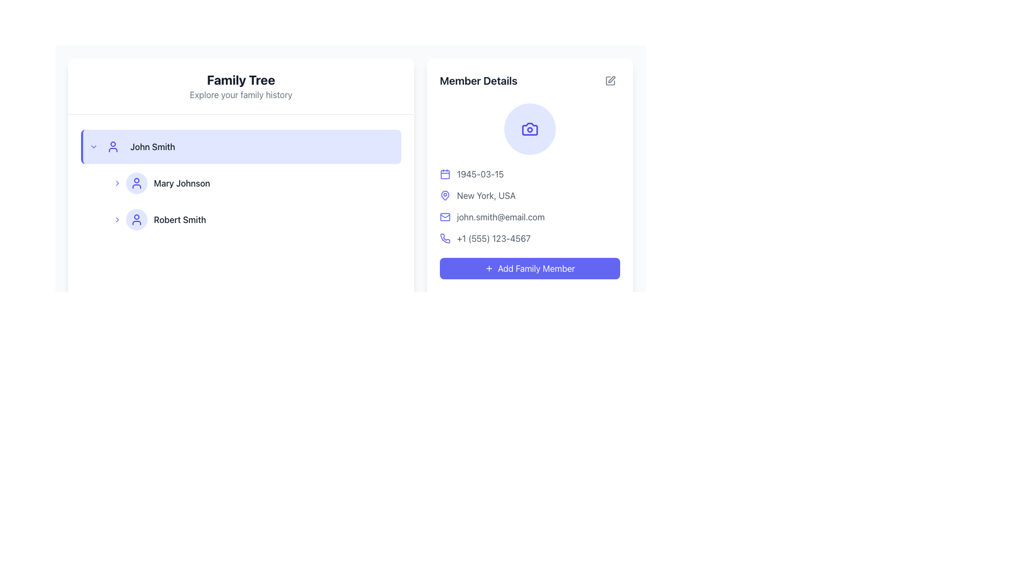 This screenshot has width=1030, height=579. I want to click on the gray pen icon located in the top-right corner of the 'Member Details' section, so click(612, 79).